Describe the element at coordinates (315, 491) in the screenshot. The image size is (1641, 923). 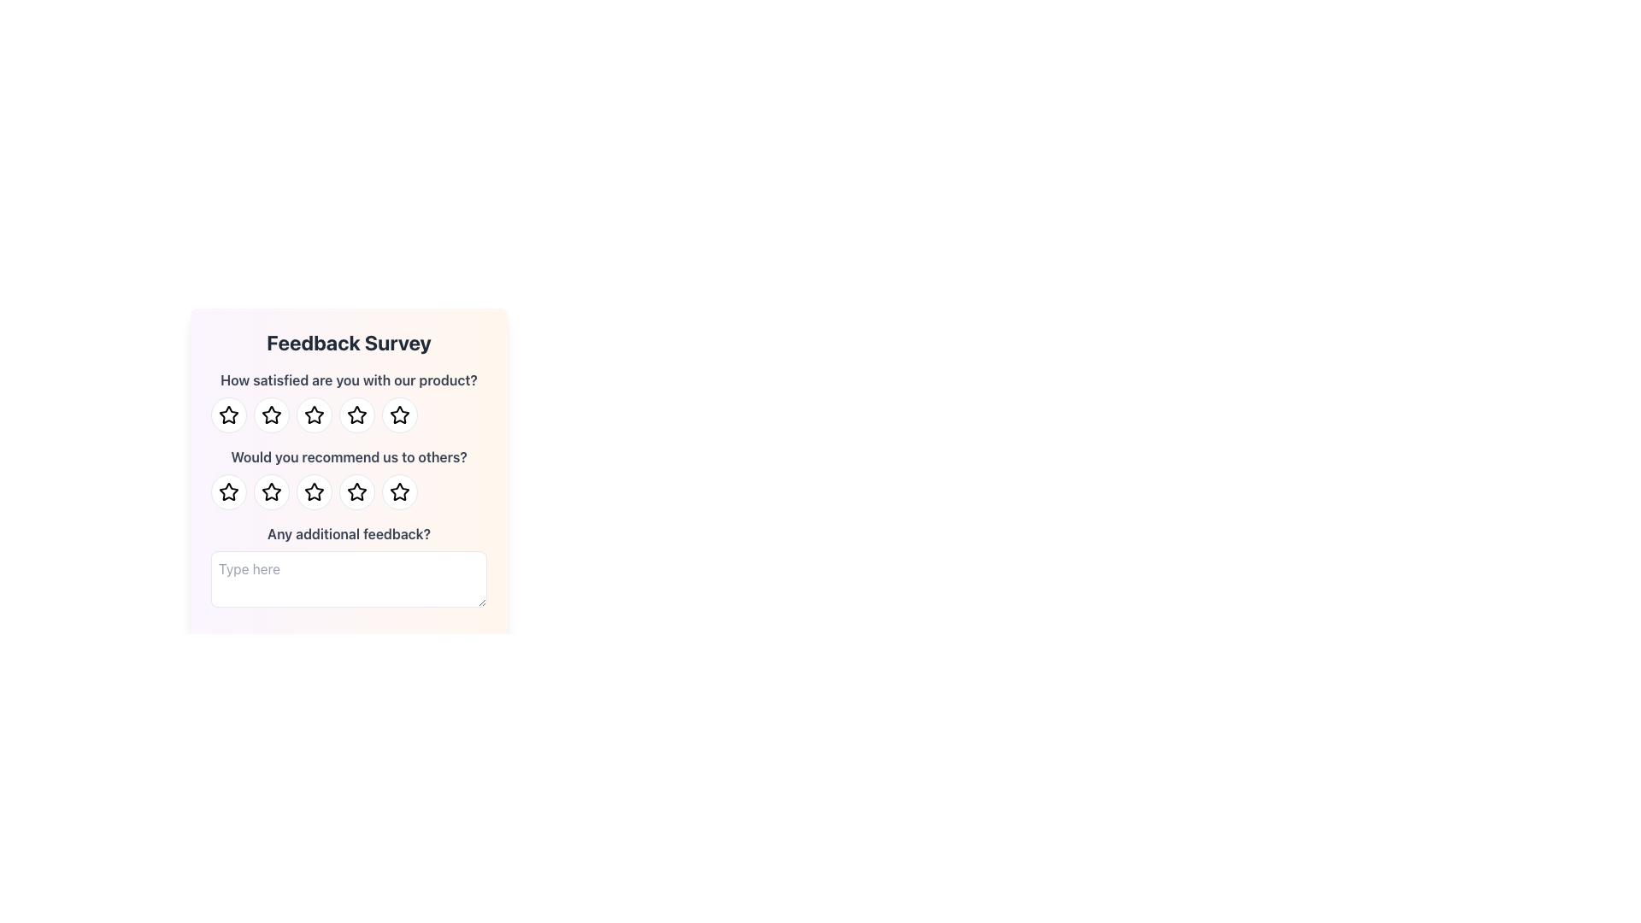
I see `the third star in the second row of the feedback survey` at that location.